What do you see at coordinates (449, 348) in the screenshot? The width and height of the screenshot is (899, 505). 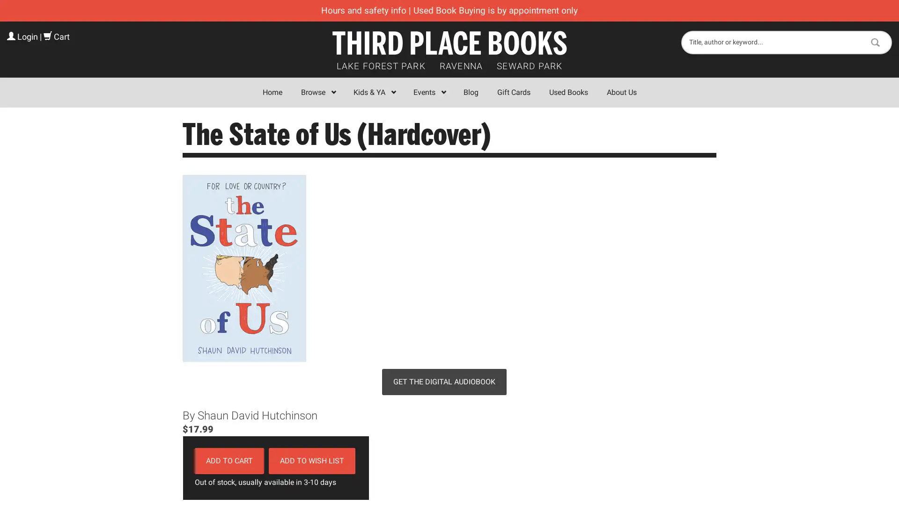 I see `Sign Up!` at bounding box center [449, 348].